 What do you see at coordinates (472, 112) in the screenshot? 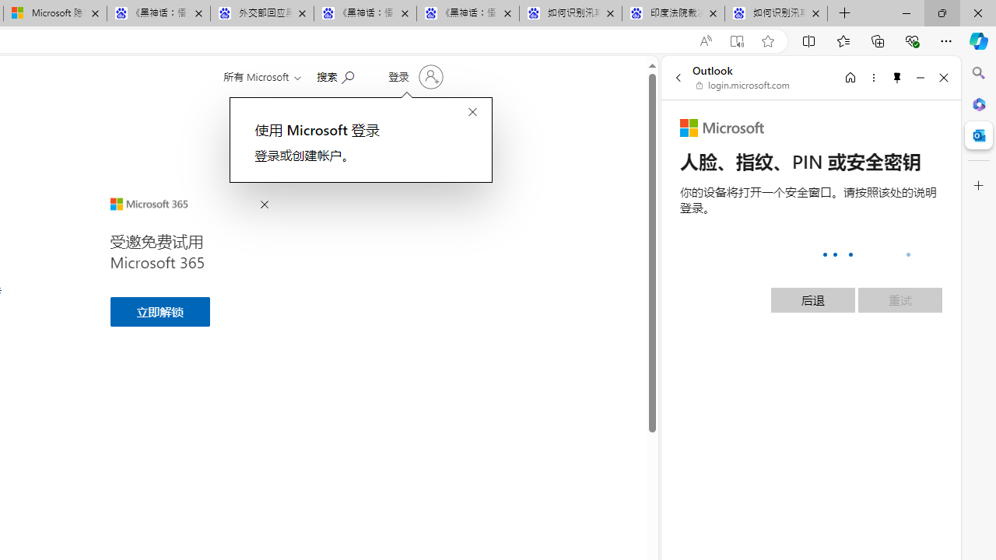
I see `'Close callout prompt.'` at bounding box center [472, 112].